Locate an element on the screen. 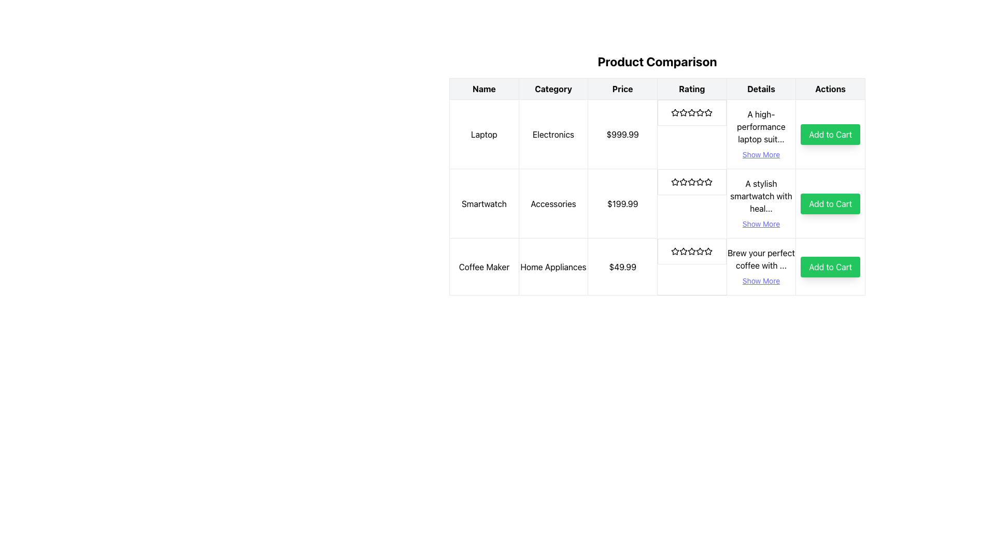 This screenshot has width=995, height=559. the second star icon representing the rating for the 'Coffee Maker' in the product comparison table is located at coordinates (700, 251).